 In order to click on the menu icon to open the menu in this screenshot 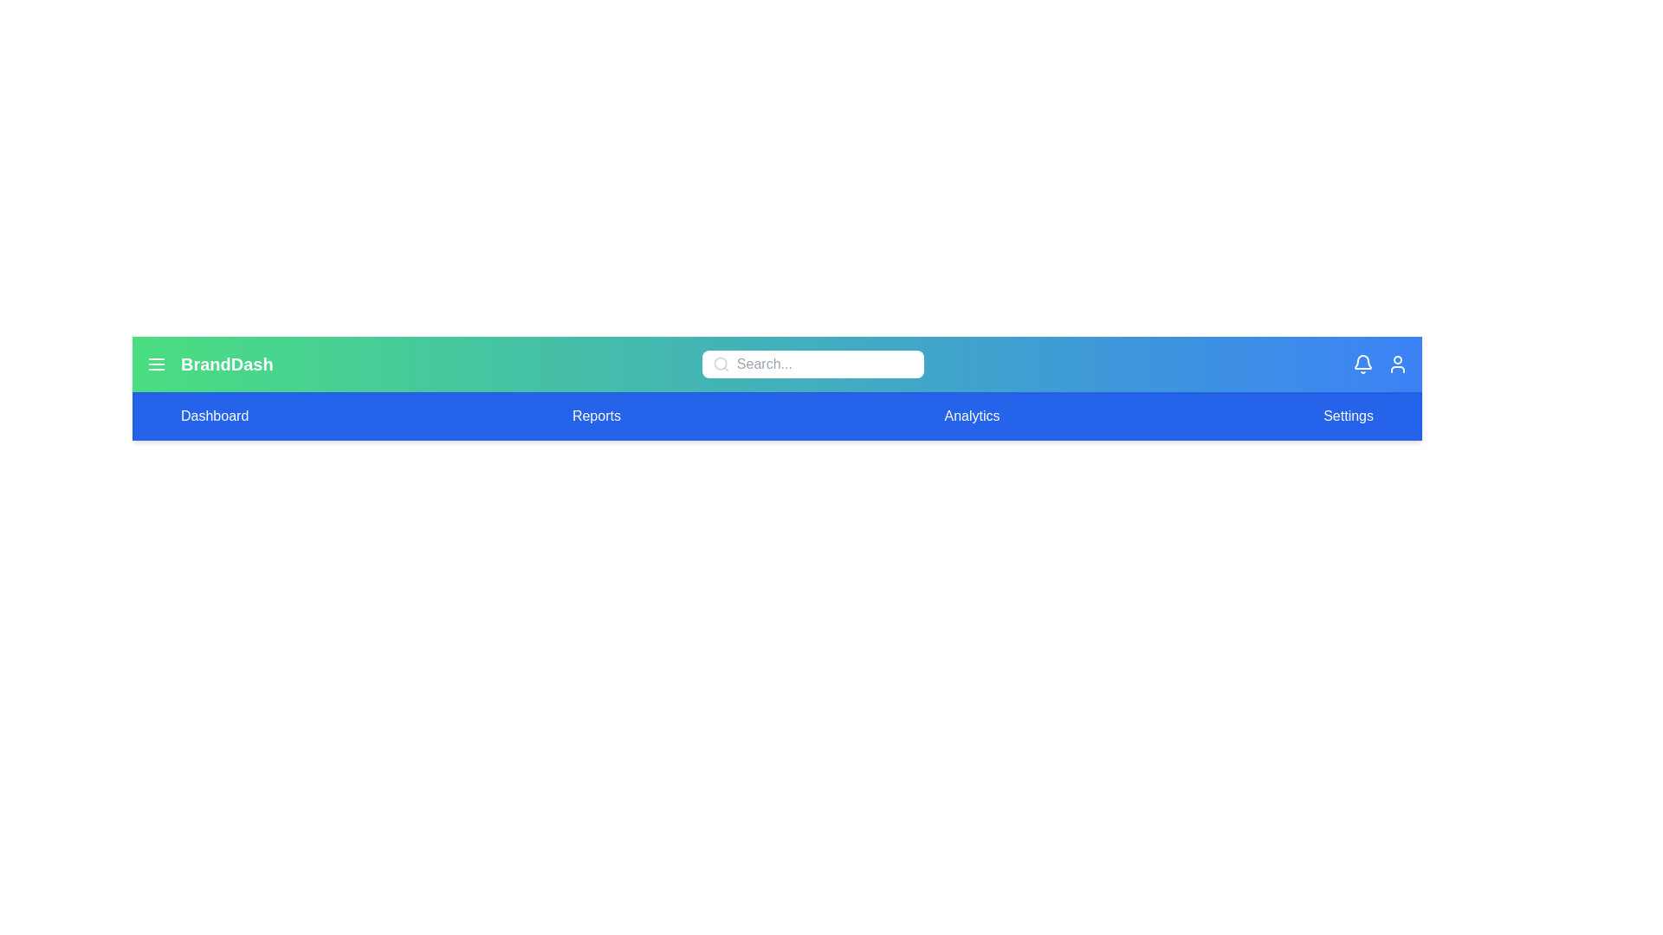, I will do `click(157, 363)`.